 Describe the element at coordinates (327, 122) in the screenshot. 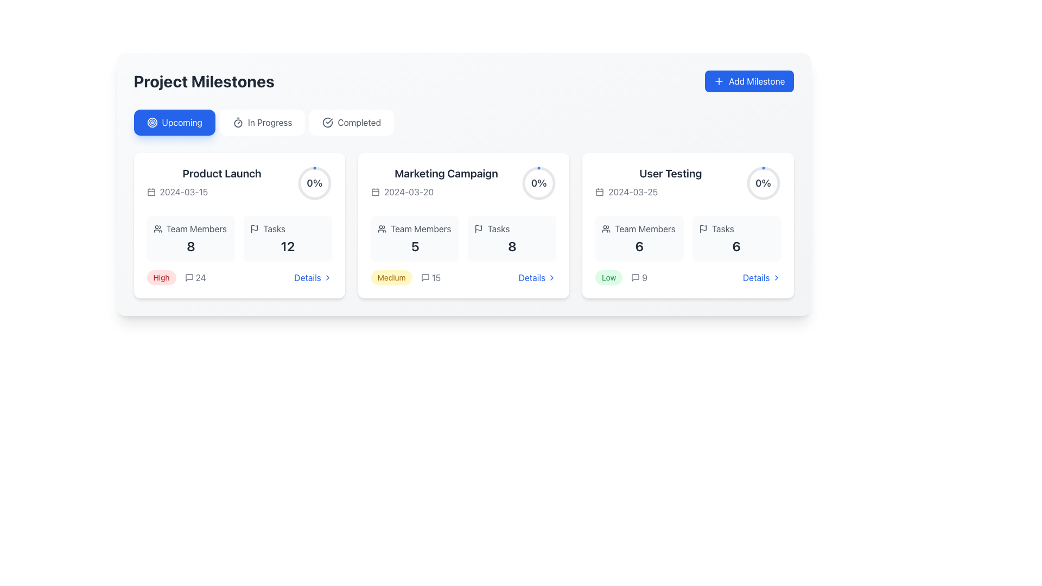

I see `the decorative and indicative graphical element of the completion icon located in the top right corner of the 'Completed' section tab` at that location.